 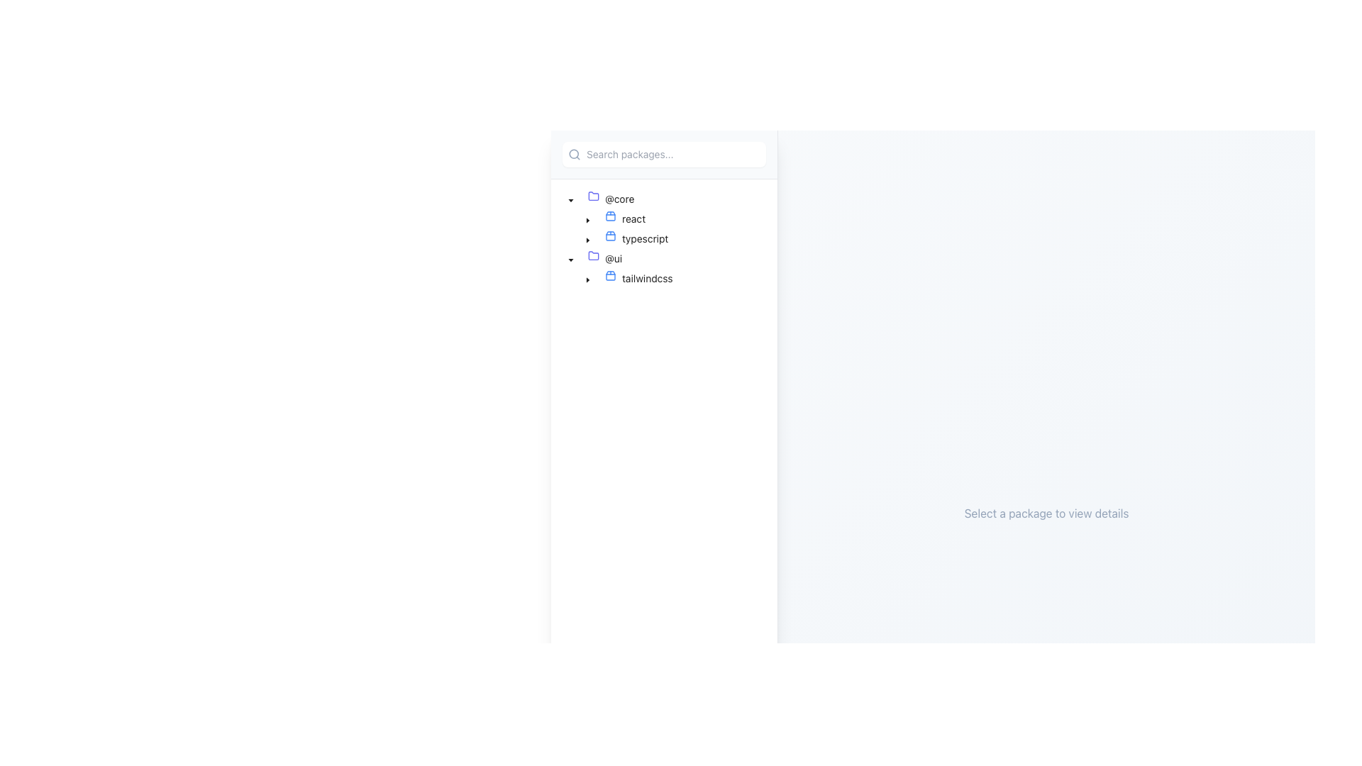 What do you see at coordinates (646, 278) in the screenshot?
I see `the text label in the tree node labeled 'tailwindcss'` at bounding box center [646, 278].